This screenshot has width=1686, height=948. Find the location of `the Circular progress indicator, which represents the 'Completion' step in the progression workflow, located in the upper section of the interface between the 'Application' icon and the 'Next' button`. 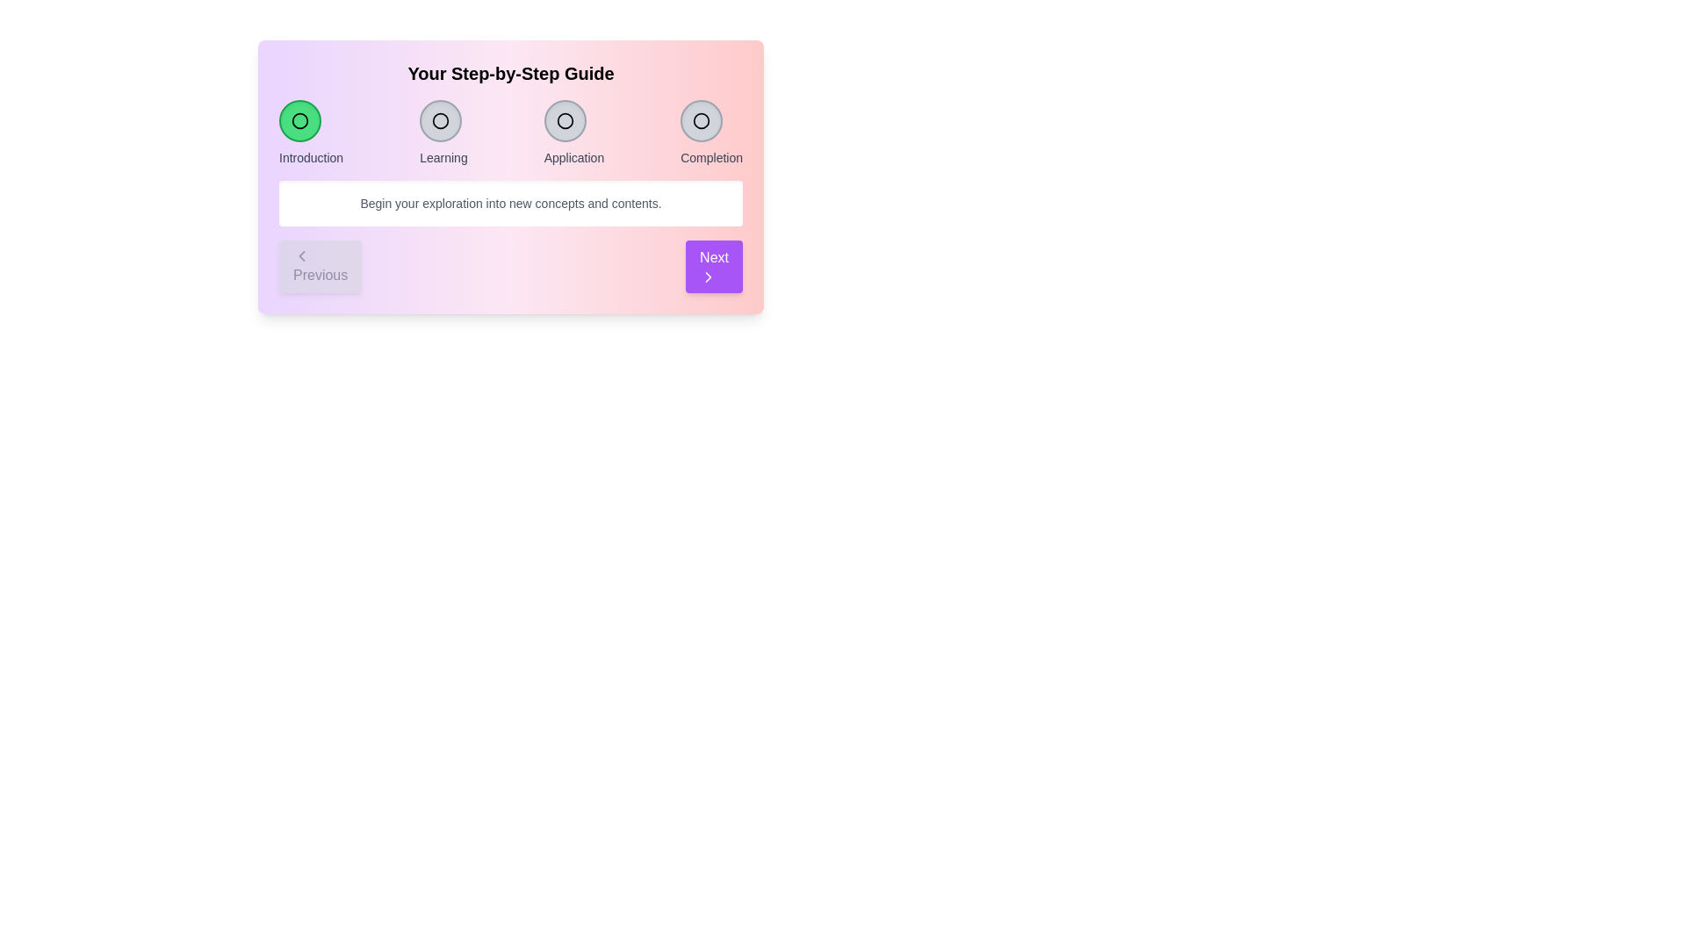

the Circular progress indicator, which represents the 'Completion' step in the progression workflow, located in the upper section of the interface between the 'Application' icon and the 'Next' button is located at coordinates (701, 120).